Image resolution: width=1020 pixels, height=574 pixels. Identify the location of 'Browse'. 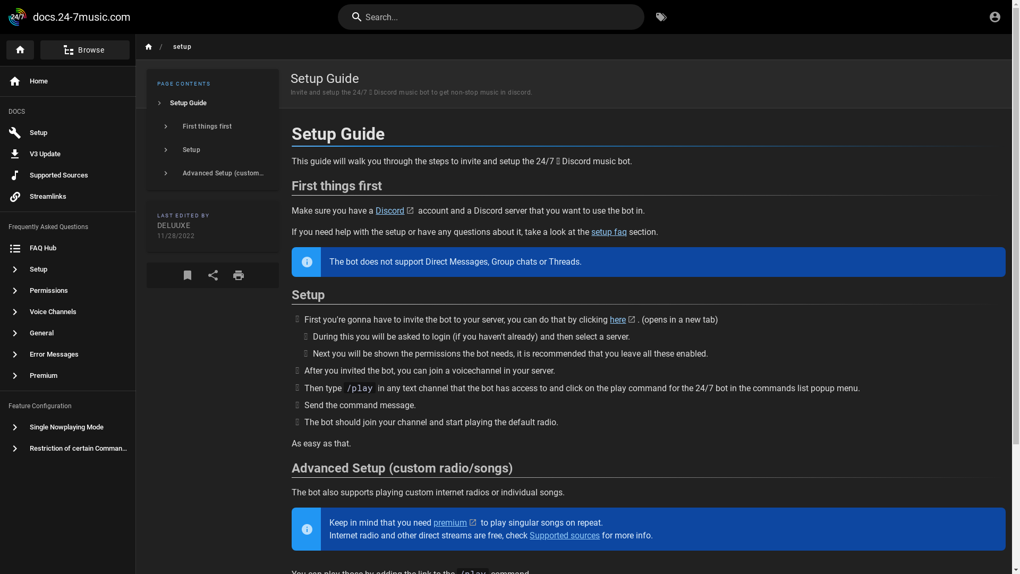
(81, 49).